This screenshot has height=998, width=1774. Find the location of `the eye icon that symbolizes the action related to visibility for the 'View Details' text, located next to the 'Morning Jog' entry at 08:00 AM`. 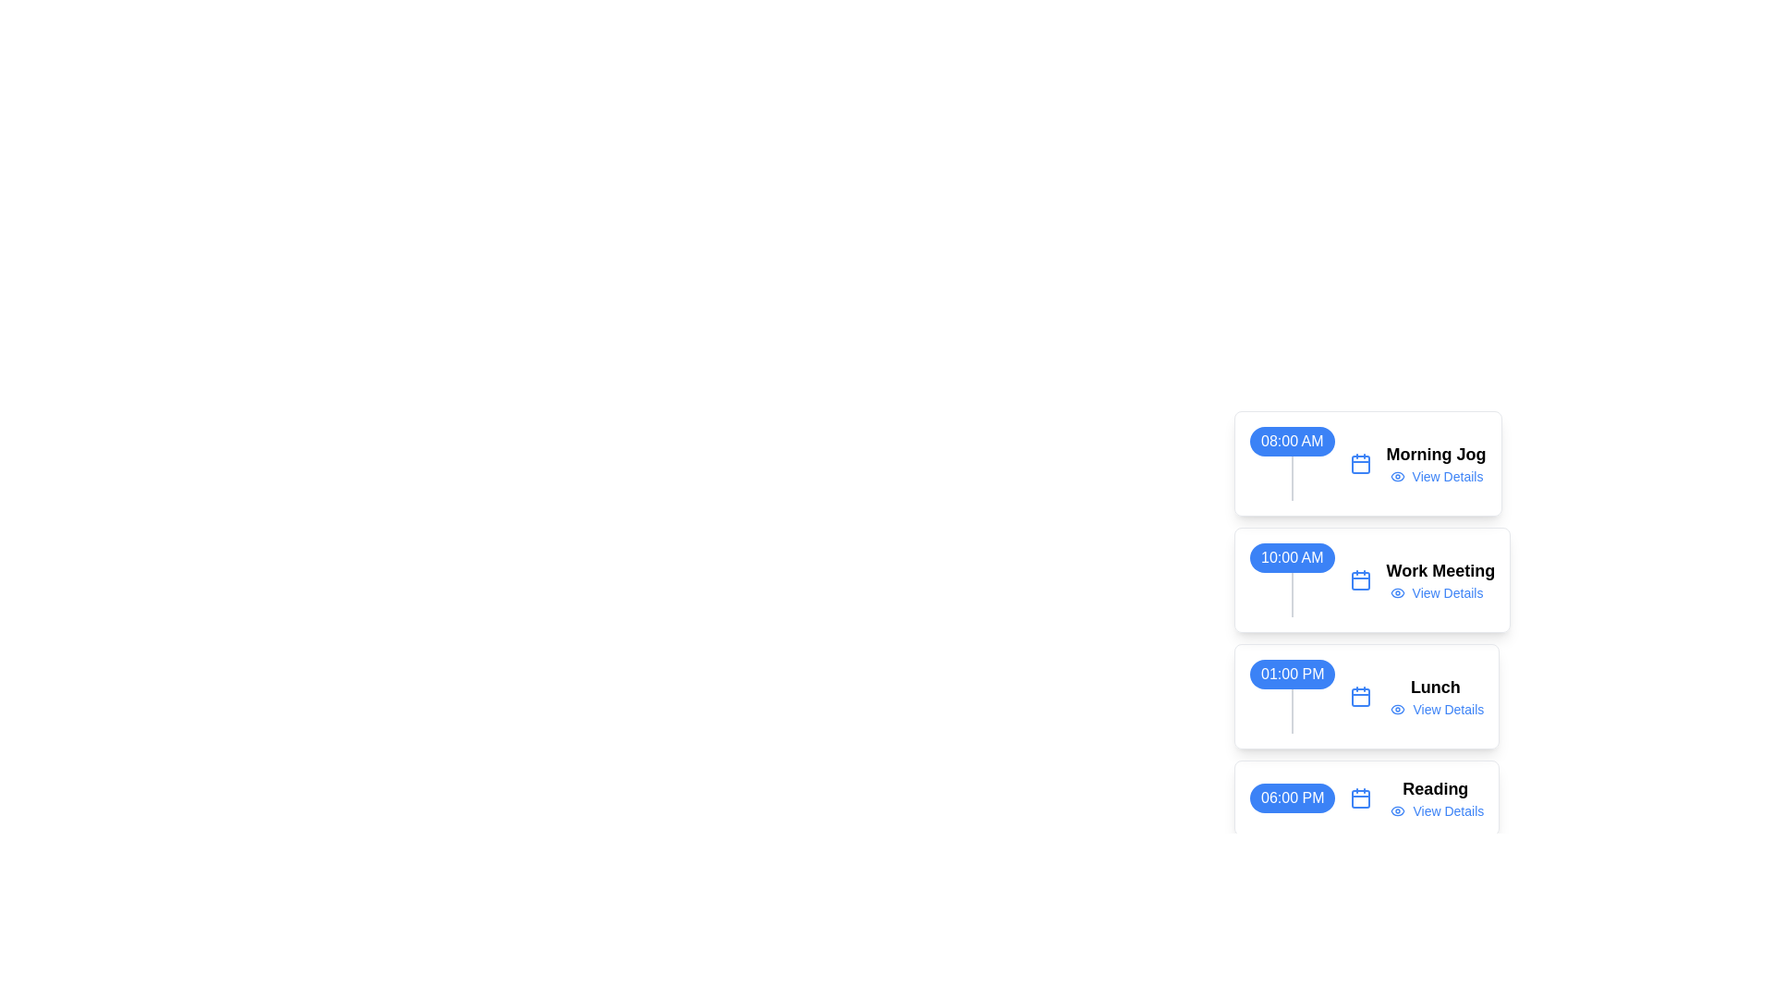

the eye icon that symbolizes the action related to visibility for the 'View Details' text, located next to the 'Morning Jog' entry at 08:00 AM is located at coordinates (1397, 476).